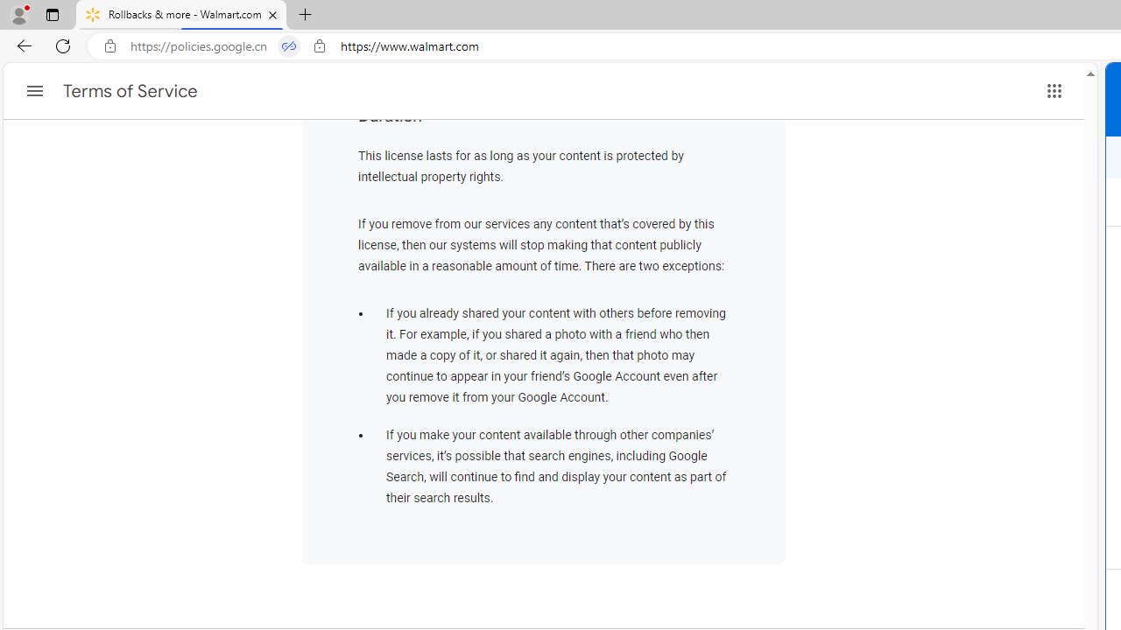 The width and height of the screenshot is (1121, 630). What do you see at coordinates (52, 14) in the screenshot?
I see `'Tab actions menu'` at bounding box center [52, 14].